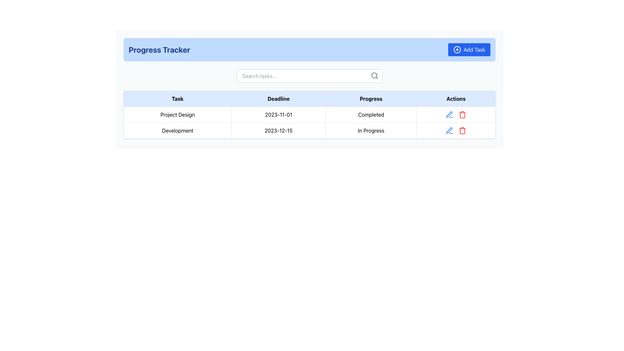  I want to click on the first cell in the second row under the 'Task' column of the progress tracking table, which displays the name of a task, so click(177, 130).